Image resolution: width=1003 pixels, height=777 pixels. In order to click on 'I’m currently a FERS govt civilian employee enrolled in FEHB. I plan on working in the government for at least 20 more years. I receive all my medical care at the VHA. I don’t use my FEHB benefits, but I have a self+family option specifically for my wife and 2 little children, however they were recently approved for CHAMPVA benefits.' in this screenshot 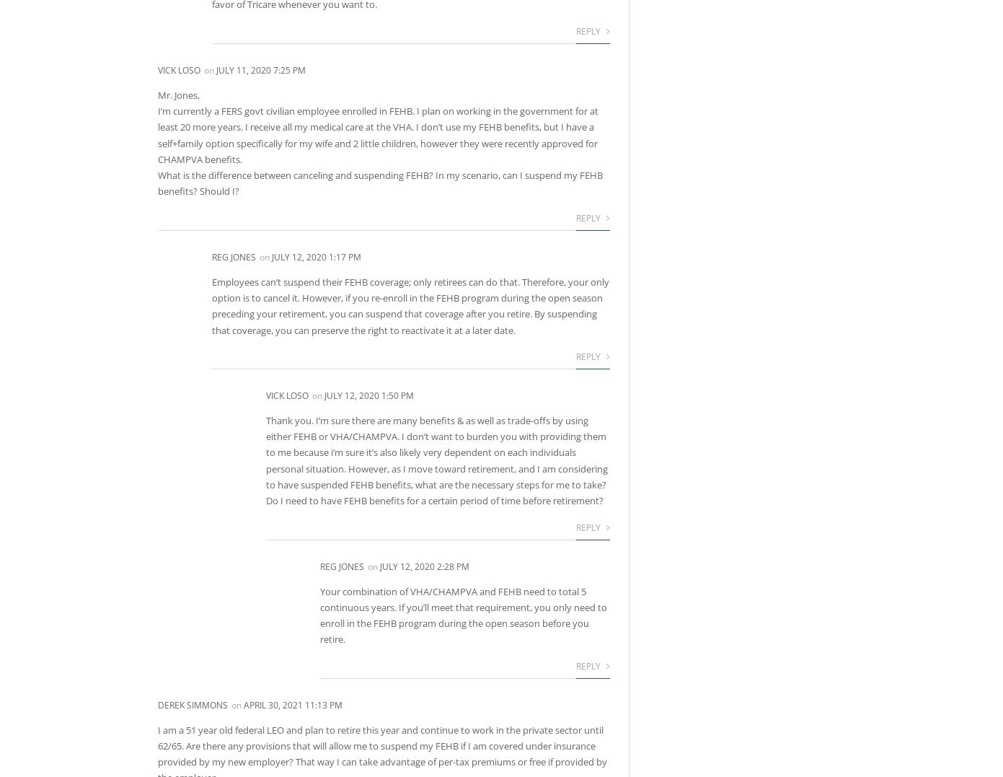, I will do `click(378, 133)`.